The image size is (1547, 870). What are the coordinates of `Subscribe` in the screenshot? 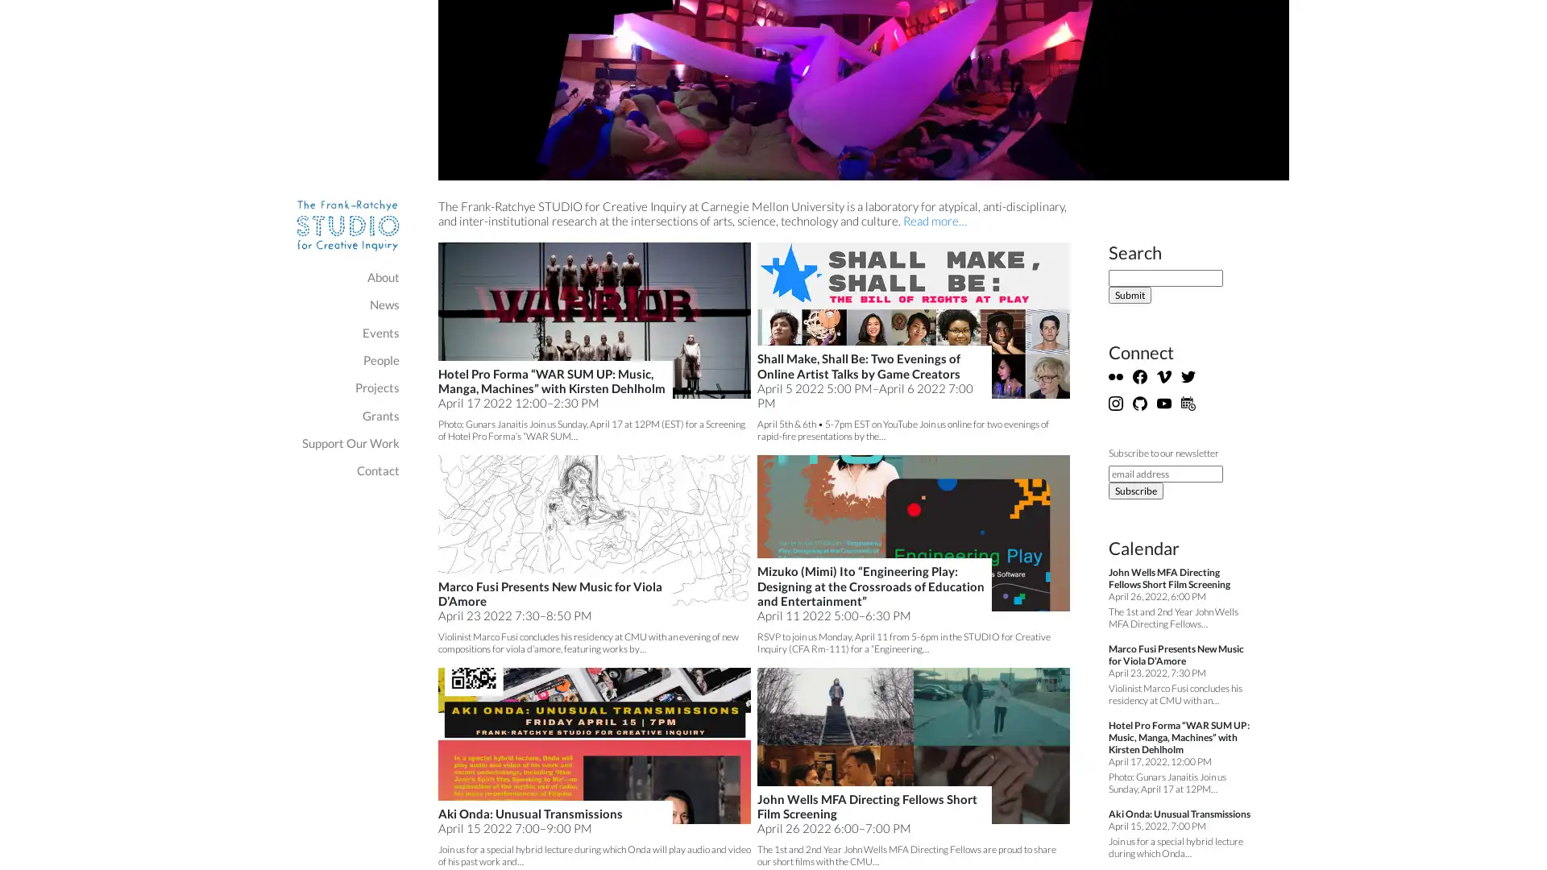 It's located at (1135, 490).